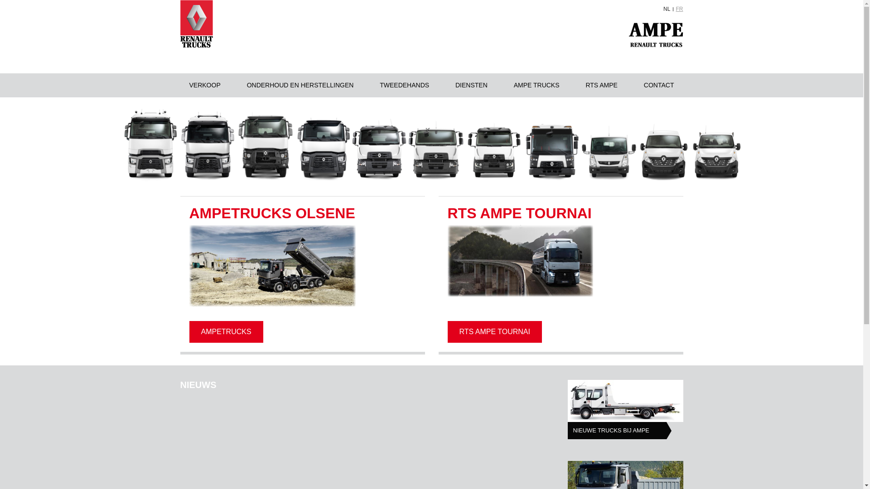 The width and height of the screenshot is (870, 489). Describe the element at coordinates (300, 85) in the screenshot. I see `'ONDERHOUD EN HERSTELLINGEN'` at that location.